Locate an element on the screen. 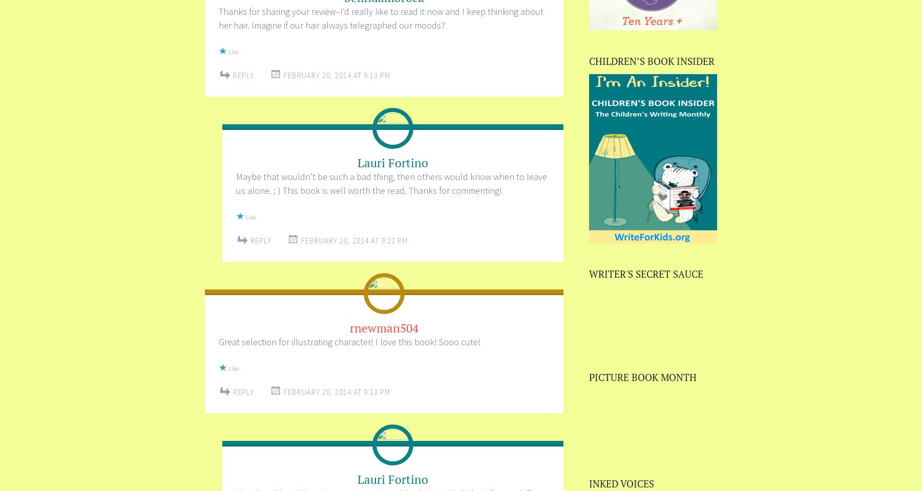 Image resolution: width=922 pixels, height=491 pixels. 'PICTURE BOOK MONTH' is located at coordinates (642, 376).